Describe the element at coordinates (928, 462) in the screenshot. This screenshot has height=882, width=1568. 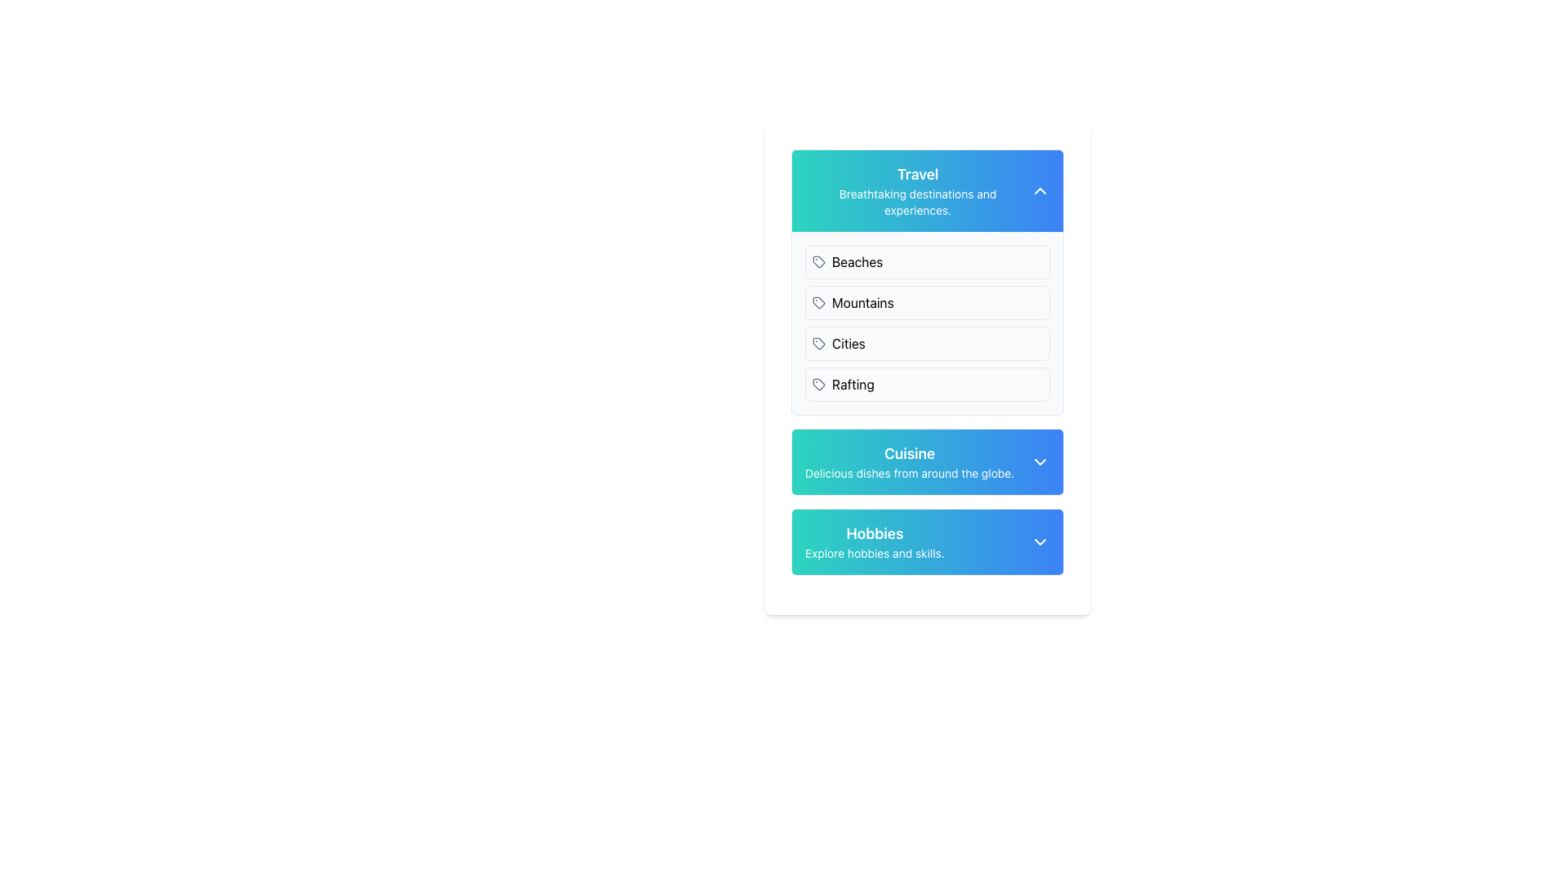
I see `the second option in the vertical list of collapsible sections, which is labeled as the Expandable menu option related to global cuisine` at that location.